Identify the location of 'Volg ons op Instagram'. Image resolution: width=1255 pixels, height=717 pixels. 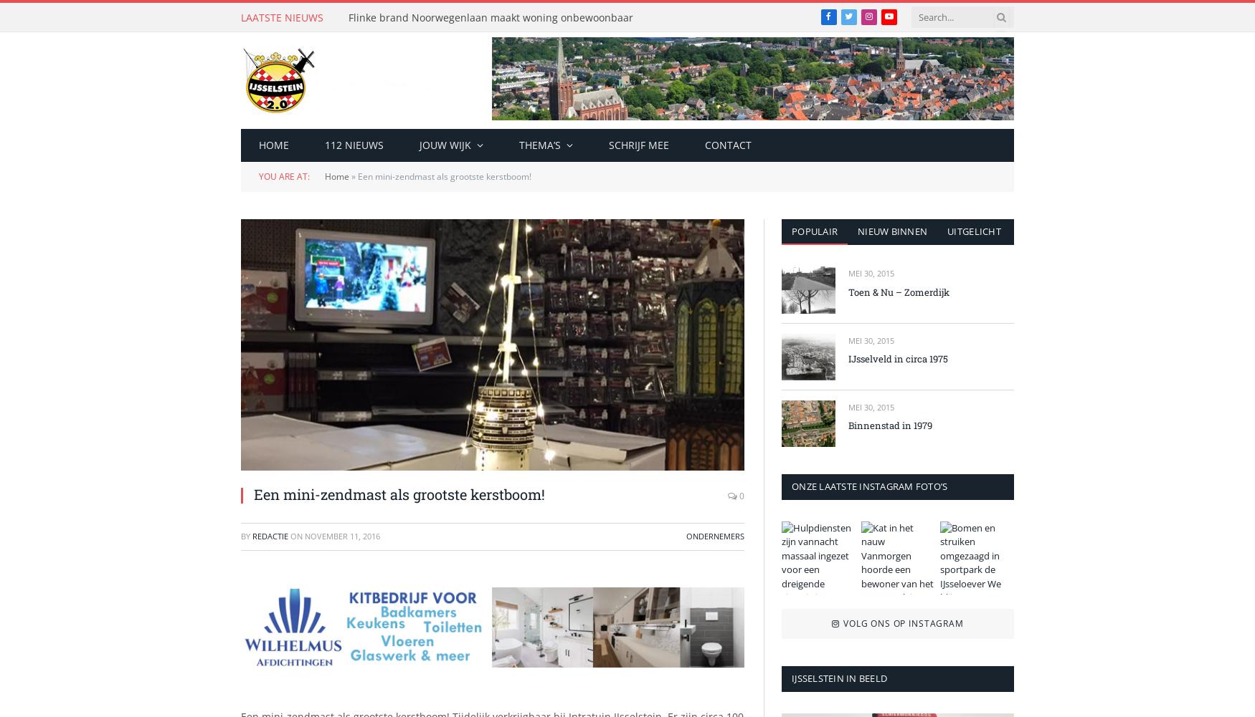
(902, 623).